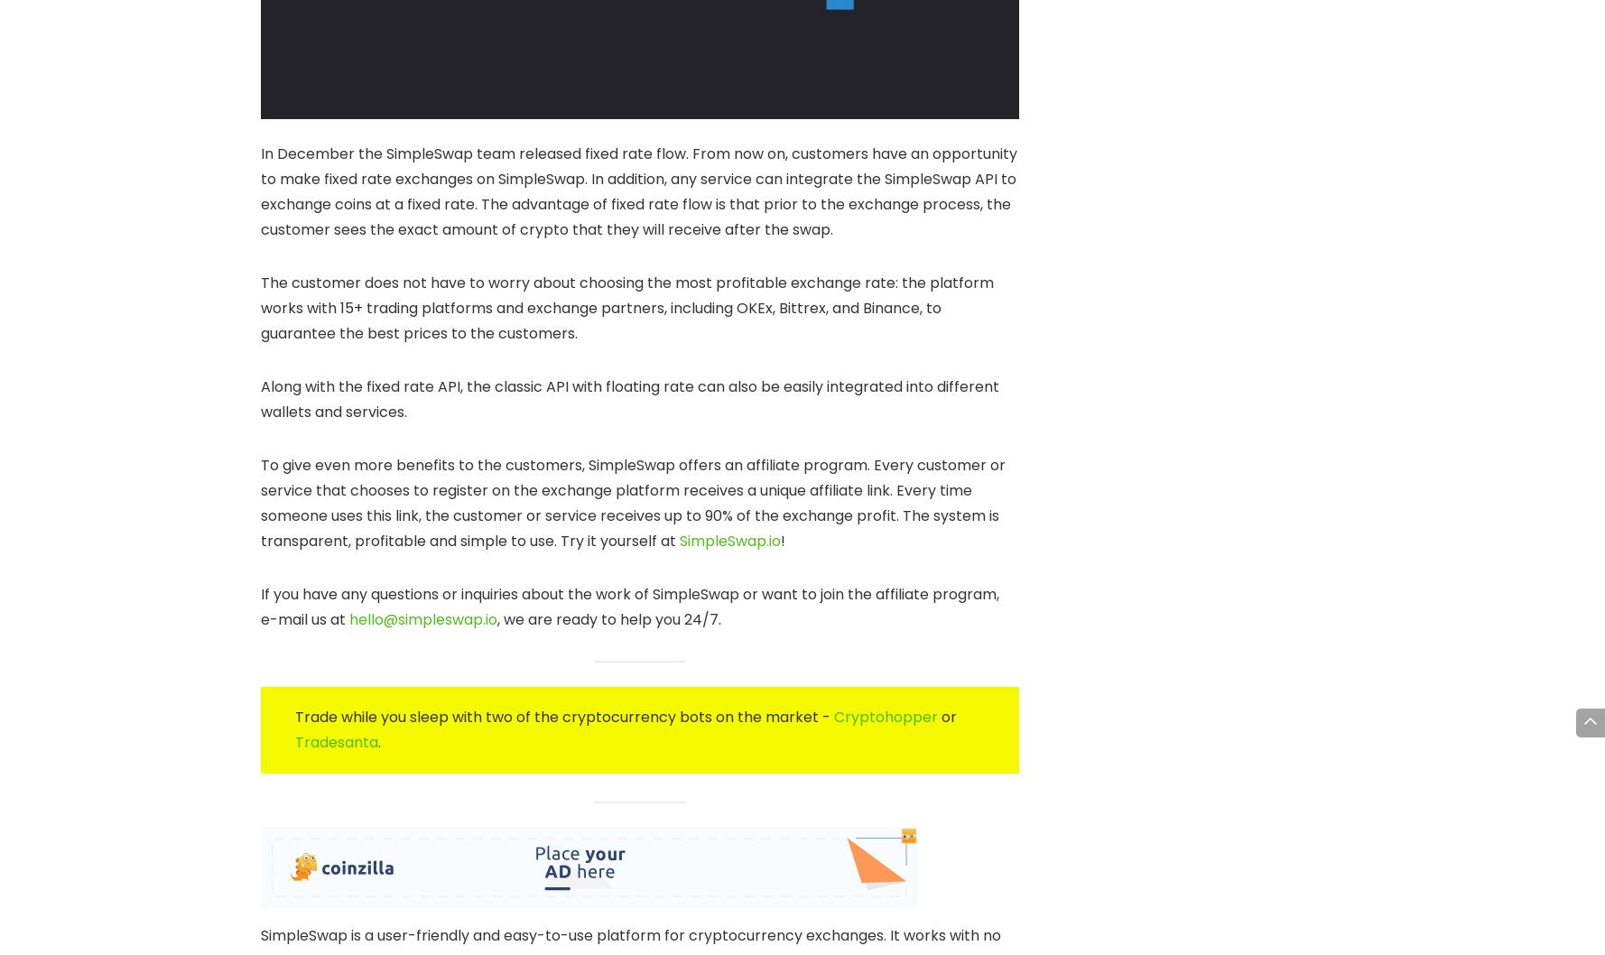 Image resolution: width=1605 pixels, height=955 pixels. Describe the element at coordinates (260, 503) in the screenshot. I see `'To give even more benefits to the customers, SimpleSwap offers an affiliate program. Every customer or service that chooses to register on the exchange platform receives a unique affiliate link. Every time someone uses this link, the customer or service receives up to 90% of the exchange profit. The system is transparent, profitable and simple to use. Try it yourself at'` at that location.